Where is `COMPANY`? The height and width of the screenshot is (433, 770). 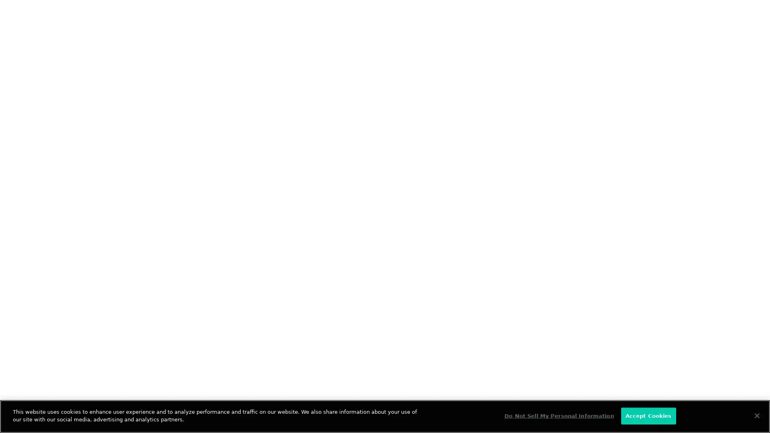
COMPANY is located at coordinates (233, 297).